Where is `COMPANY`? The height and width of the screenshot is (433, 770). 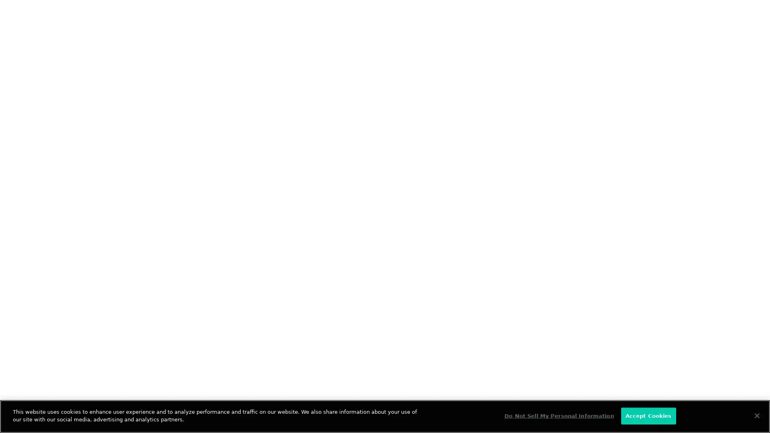
COMPANY is located at coordinates (233, 297).